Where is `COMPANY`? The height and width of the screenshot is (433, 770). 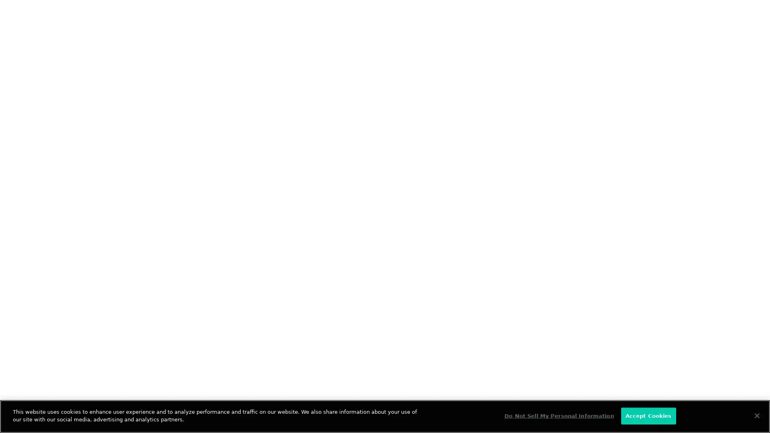
COMPANY is located at coordinates (233, 297).